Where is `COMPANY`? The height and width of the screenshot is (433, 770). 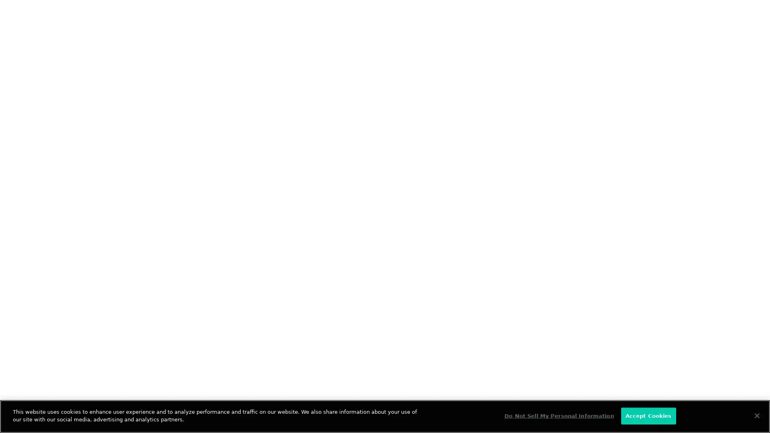
COMPANY is located at coordinates (233, 297).